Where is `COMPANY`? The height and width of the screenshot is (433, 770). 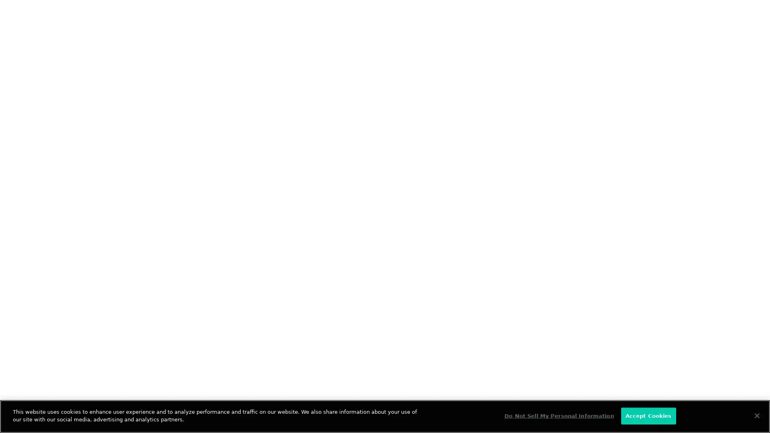
COMPANY is located at coordinates (233, 297).